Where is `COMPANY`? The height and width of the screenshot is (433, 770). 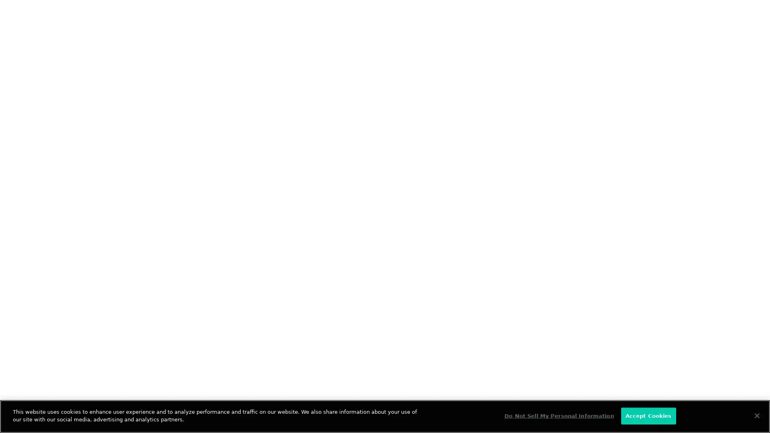
COMPANY is located at coordinates (233, 297).